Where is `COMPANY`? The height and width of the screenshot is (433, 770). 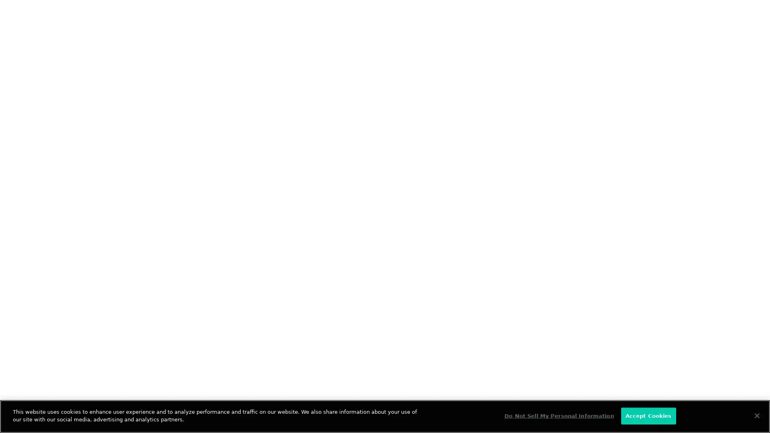
COMPANY is located at coordinates (233, 297).